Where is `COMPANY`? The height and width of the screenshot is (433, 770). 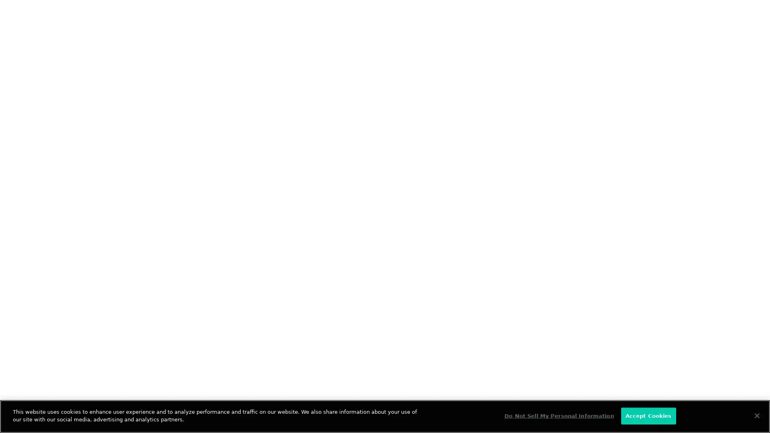
COMPANY is located at coordinates (233, 297).